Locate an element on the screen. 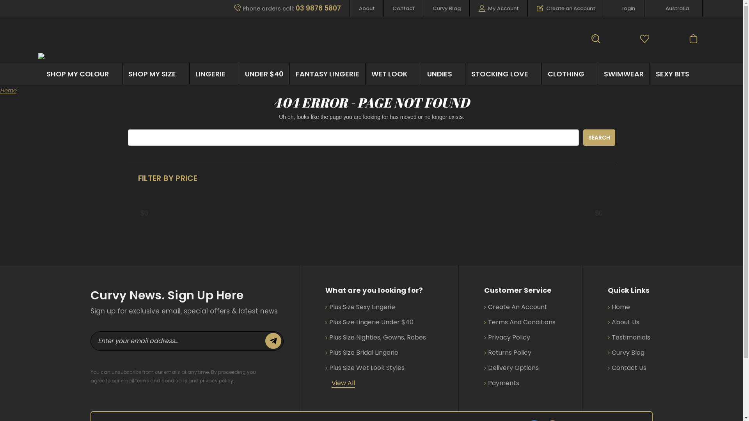 This screenshot has height=421, width=749. 'Delivery Options' is located at coordinates (484, 368).